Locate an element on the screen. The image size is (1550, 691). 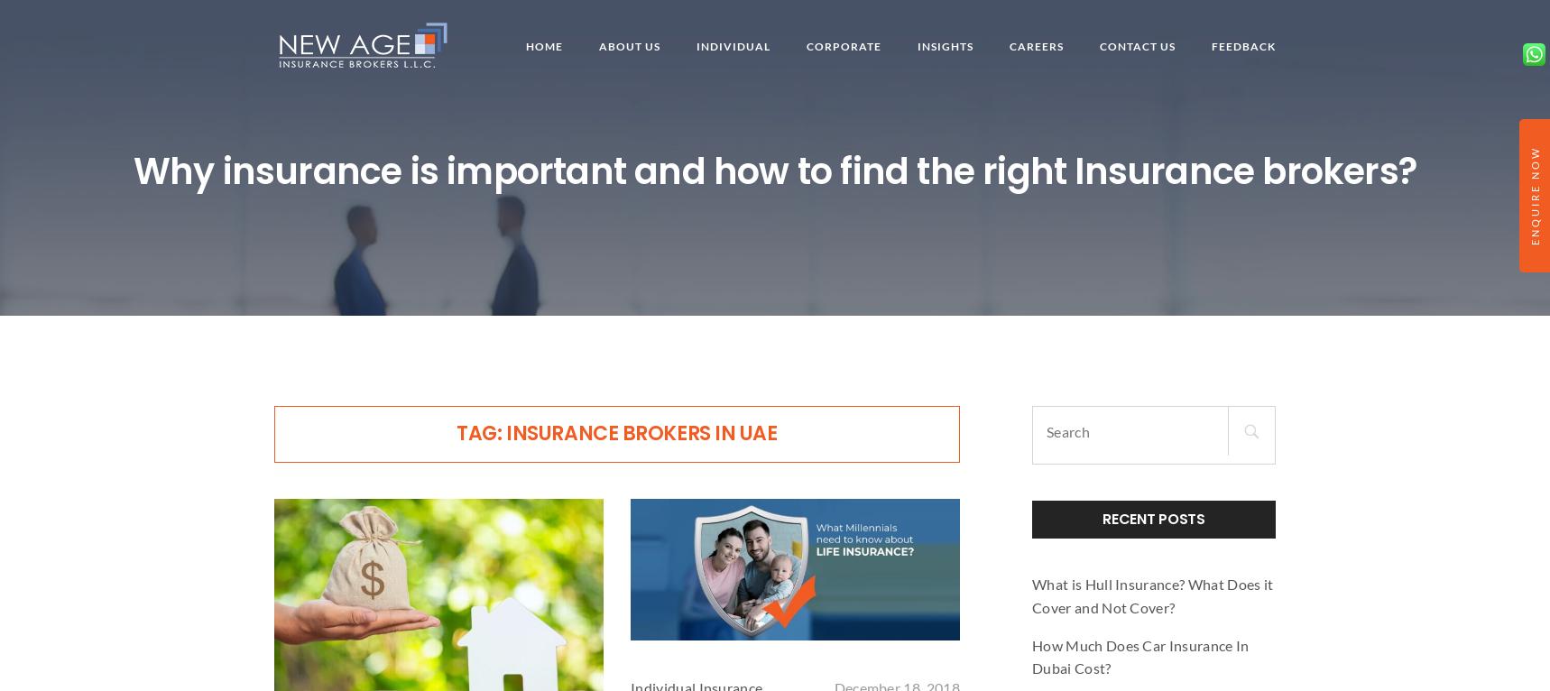
'Feedback' is located at coordinates (1242, 46).